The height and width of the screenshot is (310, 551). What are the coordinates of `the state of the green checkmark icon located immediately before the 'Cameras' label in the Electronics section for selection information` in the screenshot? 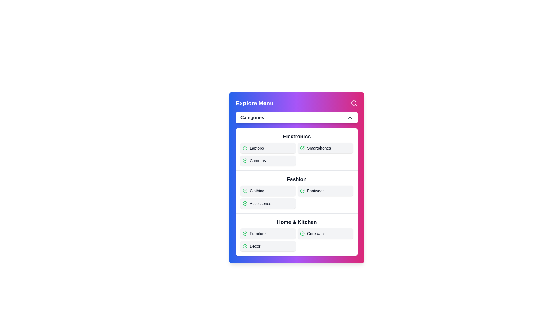 It's located at (245, 160).